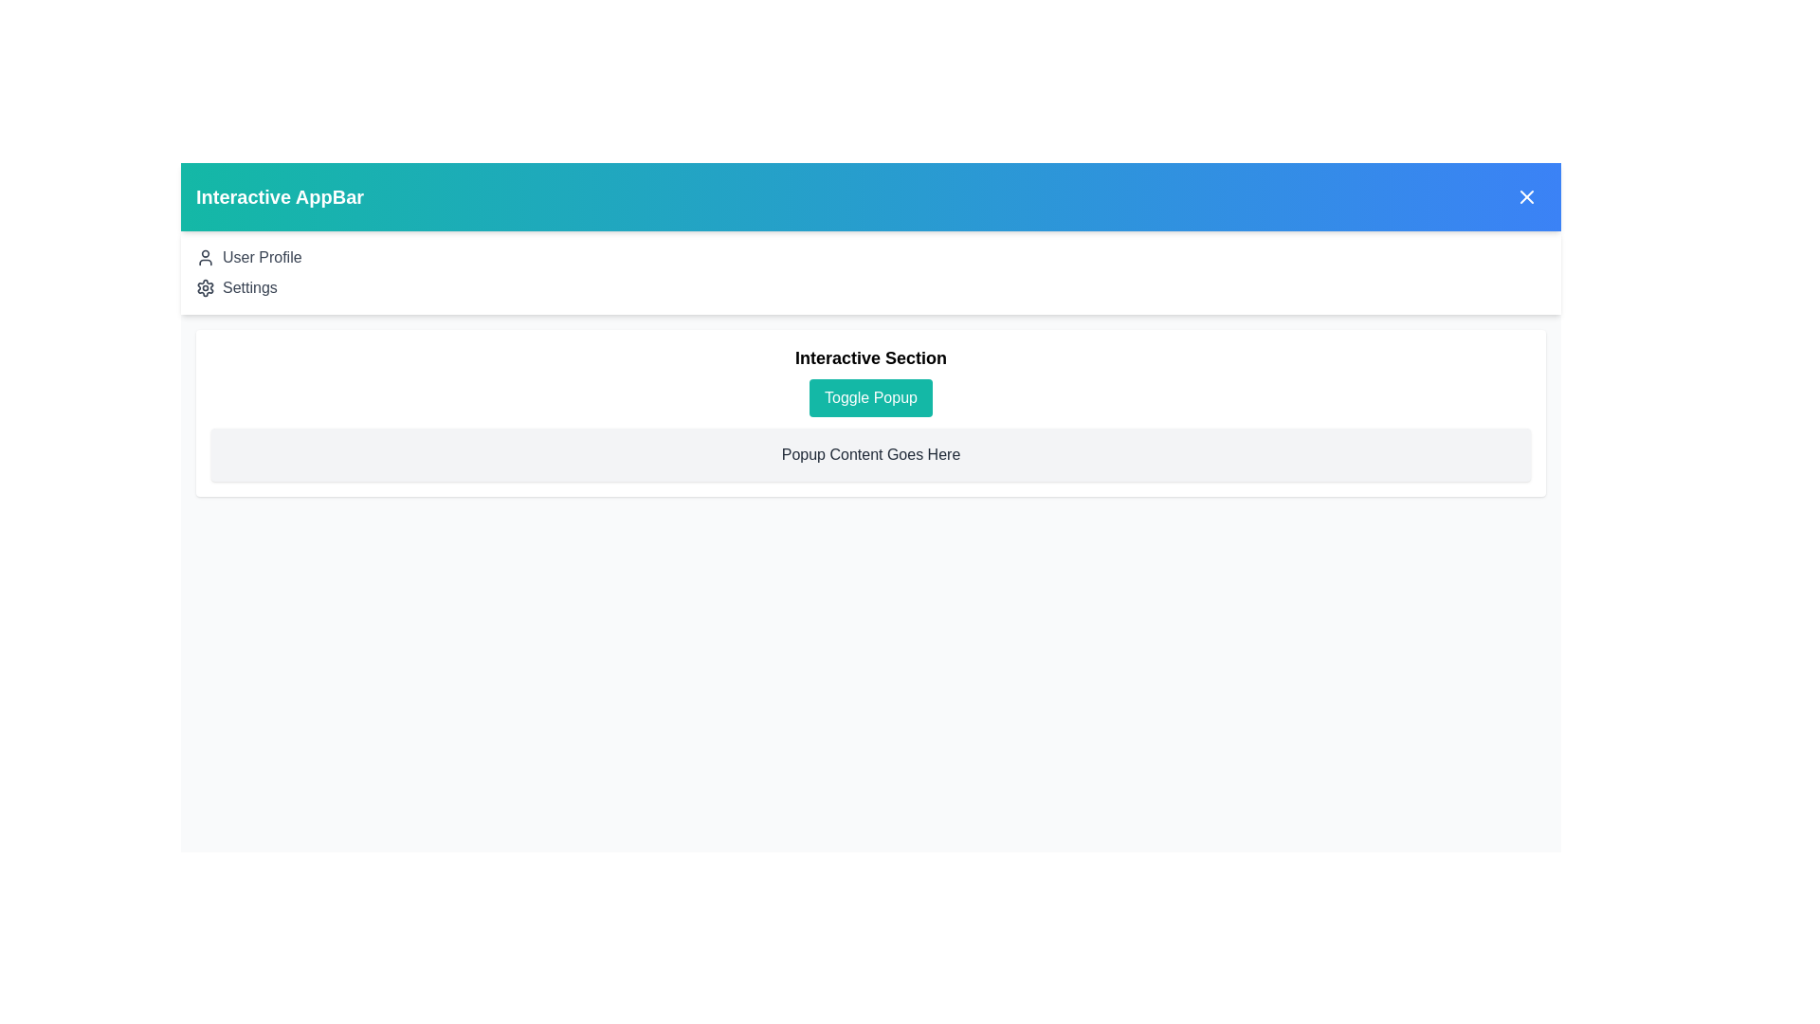 The image size is (1820, 1024). I want to click on the navigation item User Profile, so click(261, 258).